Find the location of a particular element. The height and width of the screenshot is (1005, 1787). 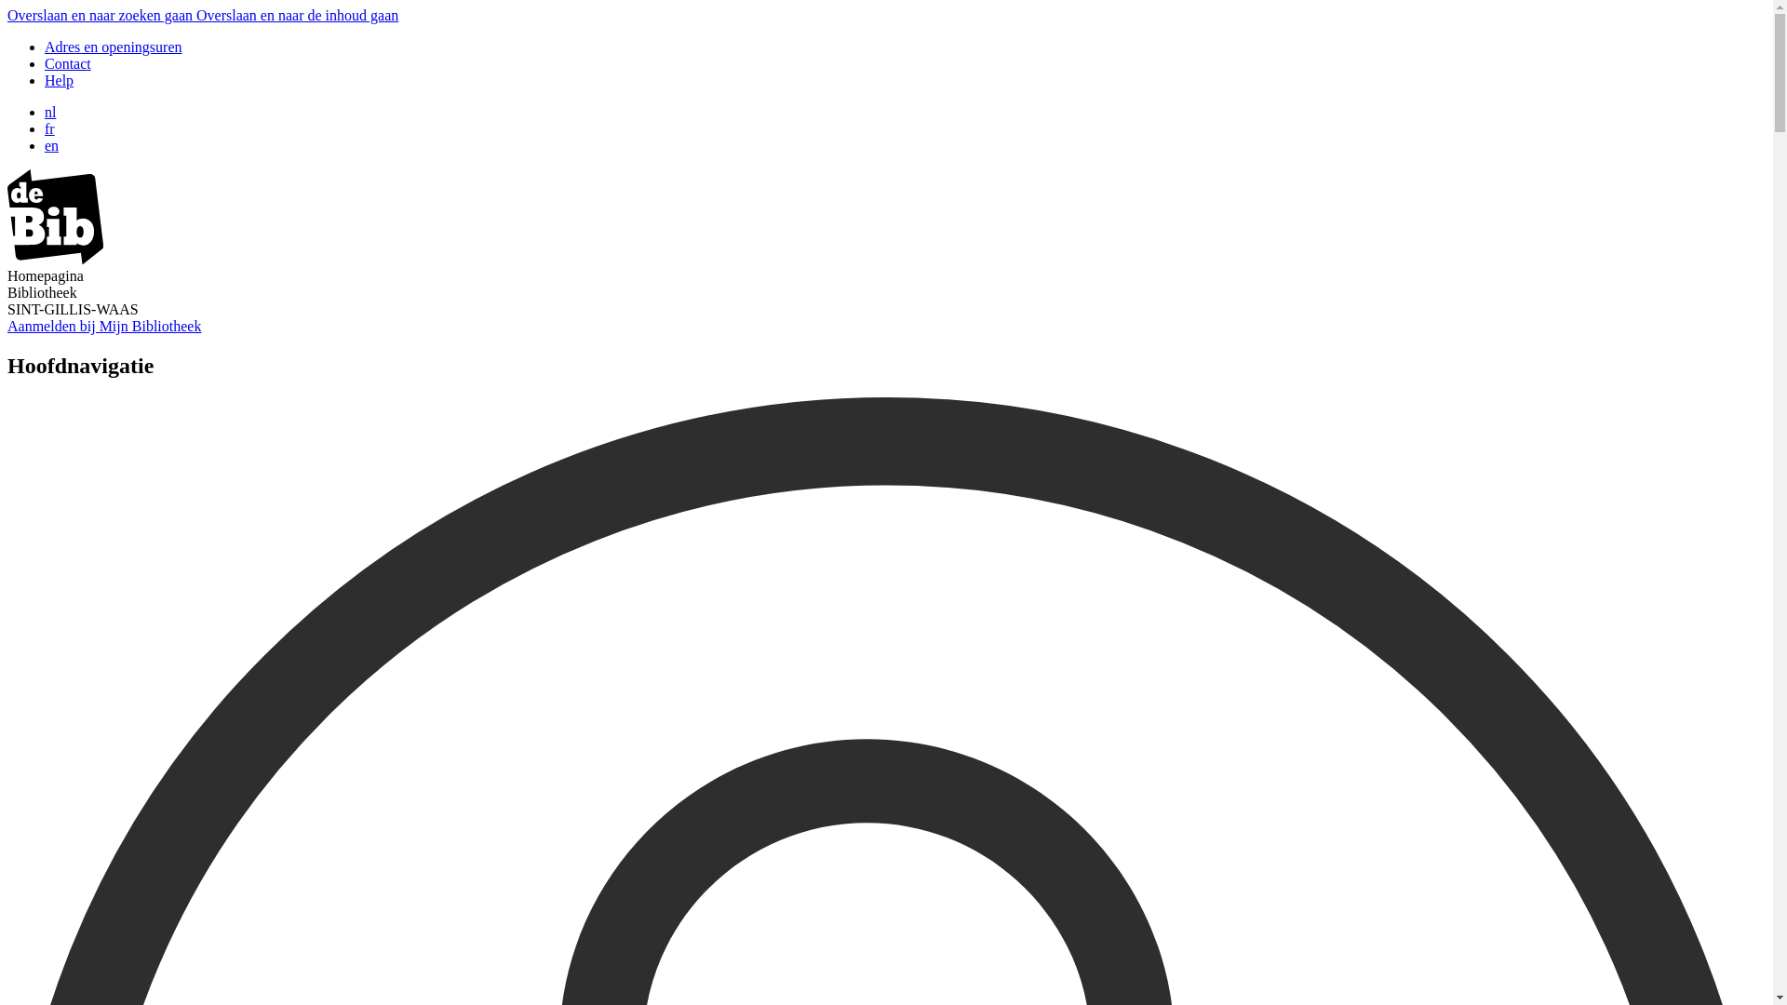

'Aanmelden bij Mijn Bibliotheek' is located at coordinates (102, 325).